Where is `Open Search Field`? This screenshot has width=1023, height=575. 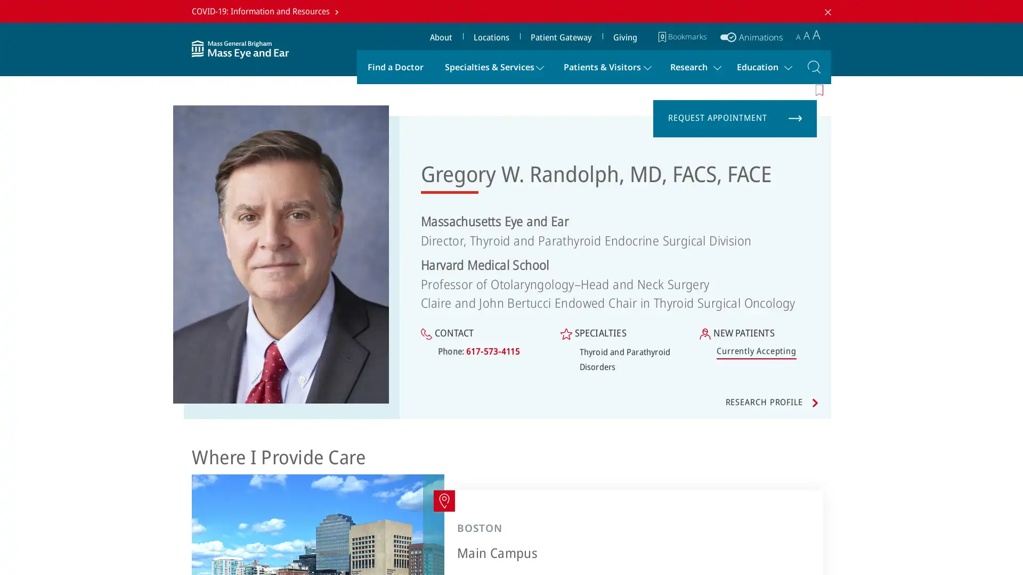
Open Search Field is located at coordinates (813, 66).